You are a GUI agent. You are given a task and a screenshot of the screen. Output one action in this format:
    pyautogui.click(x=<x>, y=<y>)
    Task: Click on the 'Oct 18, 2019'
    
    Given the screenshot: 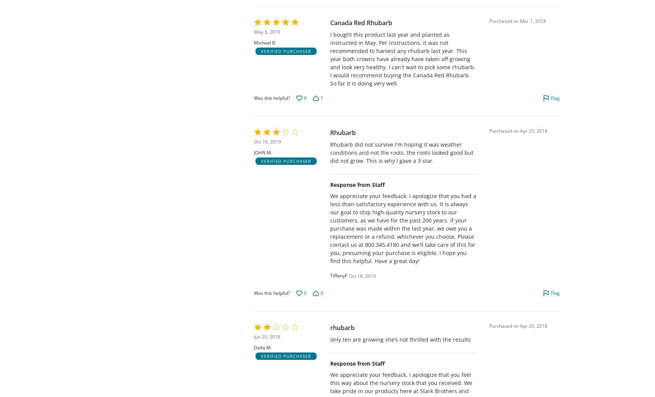 What is the action you would take?
    pyautogui.click(x=362, y=275)
    